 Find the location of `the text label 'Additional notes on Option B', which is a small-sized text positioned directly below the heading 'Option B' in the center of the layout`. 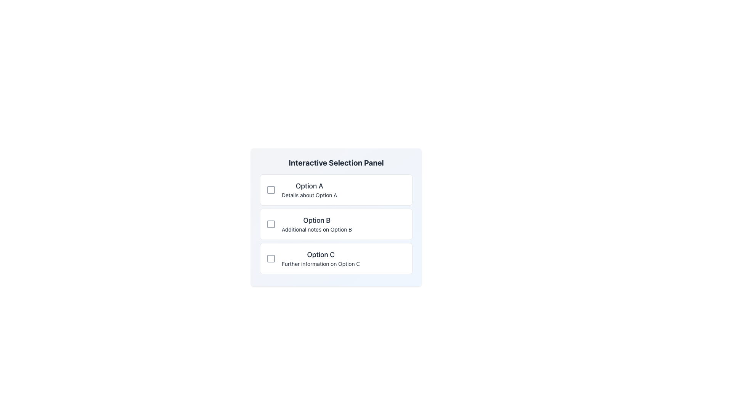

the text label 'Additional notes on Option B', which is a small-sized text positioned directly below the heading 'Option B' in the center of the layout is located at coordinates (317, 229).